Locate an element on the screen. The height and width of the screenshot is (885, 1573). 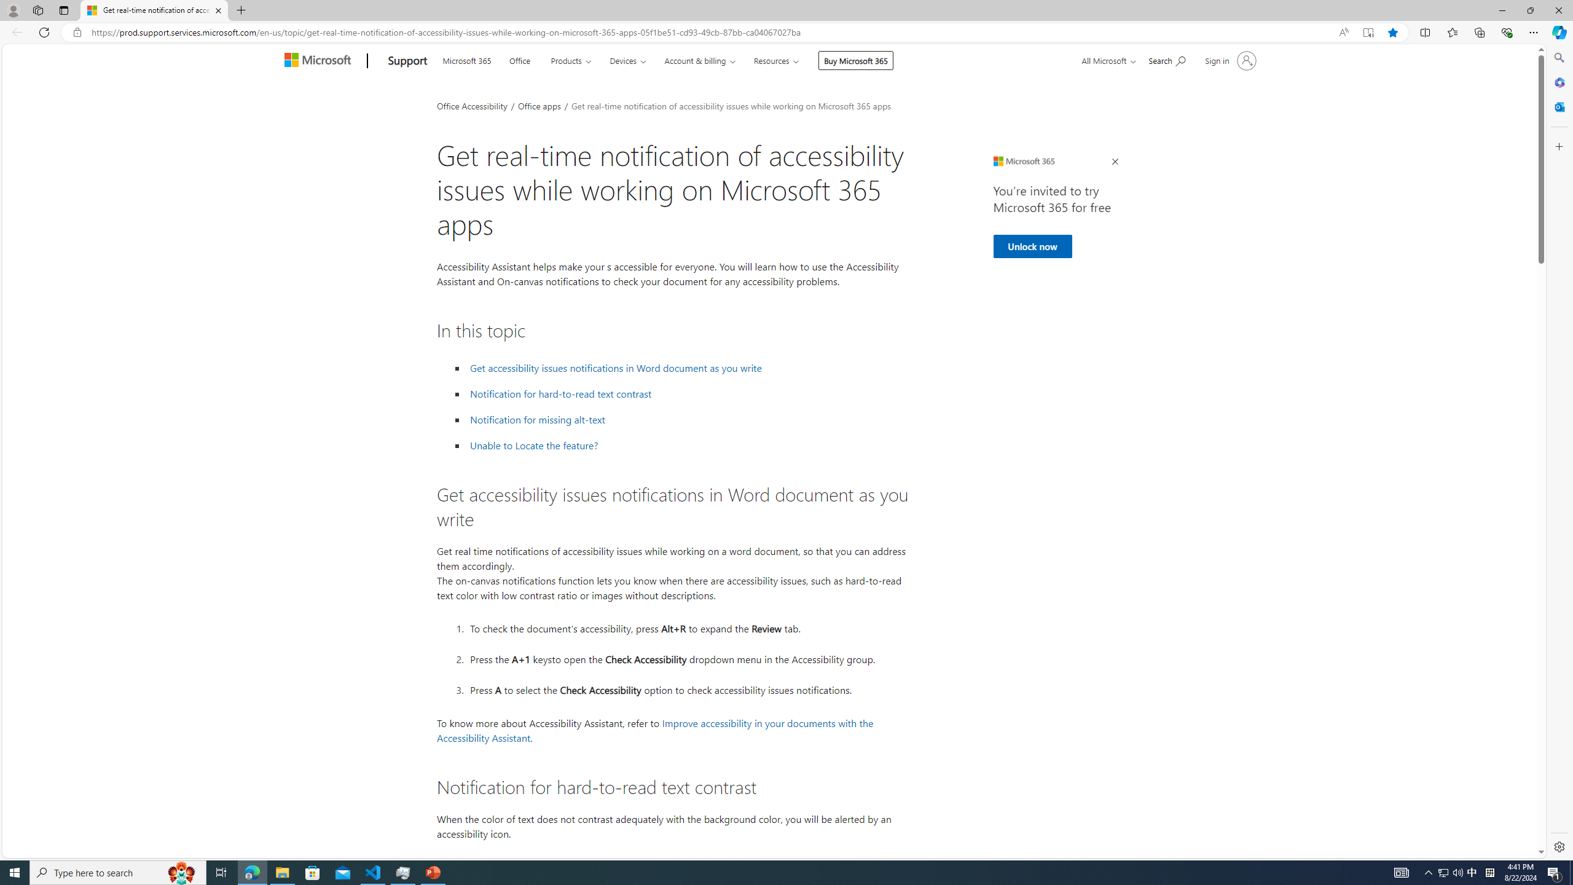
'Collections' is located at coordinates (1478, 31).